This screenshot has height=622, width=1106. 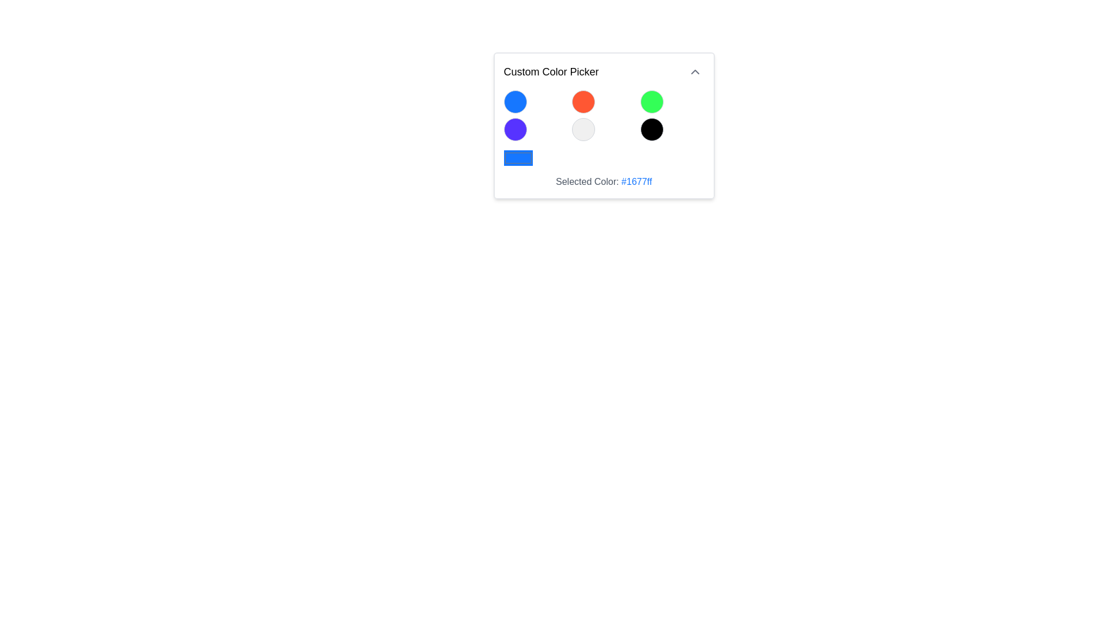 I want to click on the bright green color button in the color picker, so click(x=652, y=101).